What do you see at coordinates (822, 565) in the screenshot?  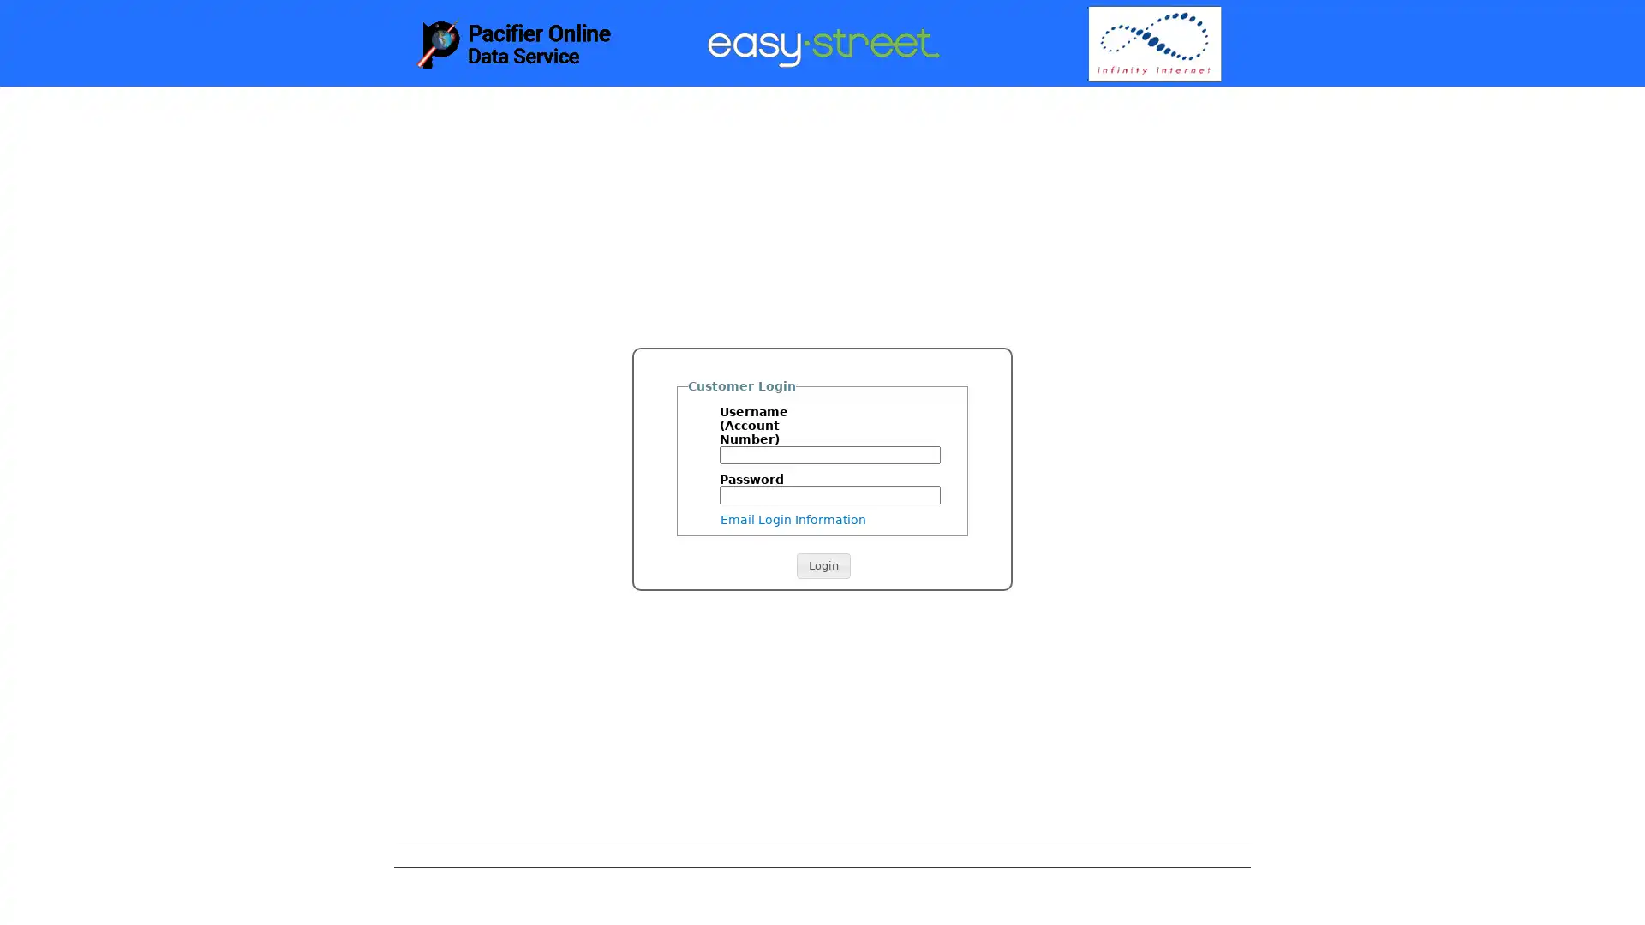 I see `Login` at bounding box center [822, 565].